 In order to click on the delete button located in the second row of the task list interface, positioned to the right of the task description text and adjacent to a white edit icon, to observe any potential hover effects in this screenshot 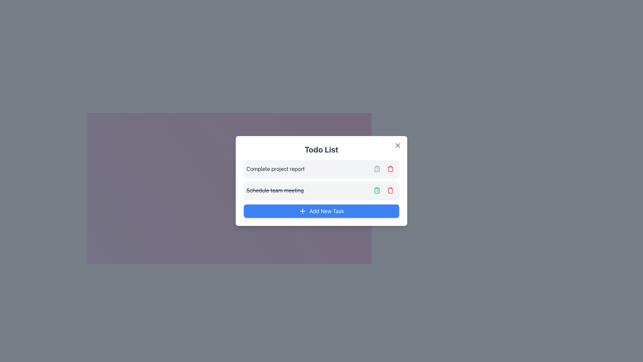, I will do `click(390, 190)`.